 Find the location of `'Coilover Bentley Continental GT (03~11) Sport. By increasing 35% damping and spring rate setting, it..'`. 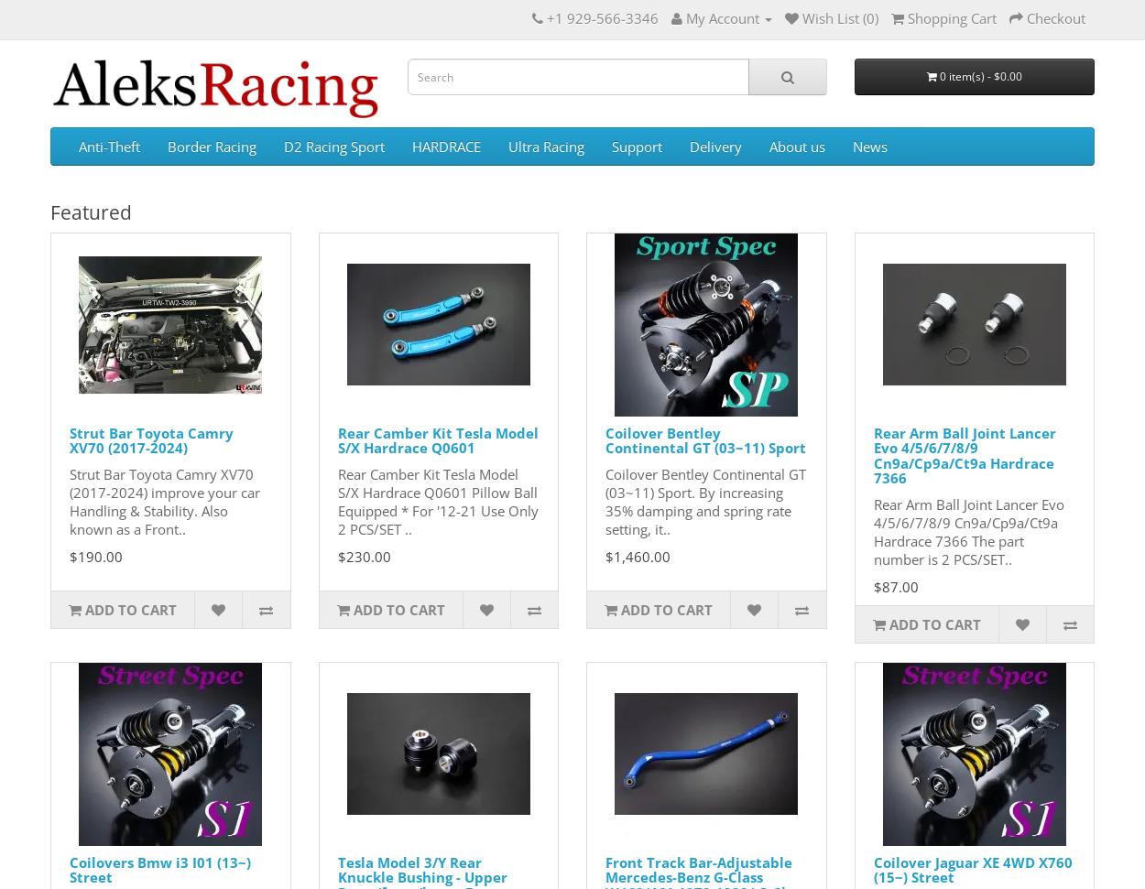

'Coilover Bentley Continental GT (03~11) Sport. By increasing 35% damping and spring rate setting, it..' is located at coordinates (605, 500).